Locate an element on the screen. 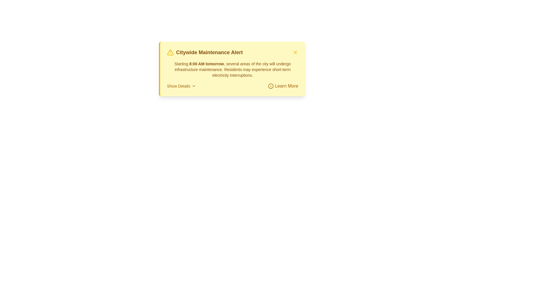  the close icon located in the top-right corner of the yellow alert box is located at coordinates (295, 52).